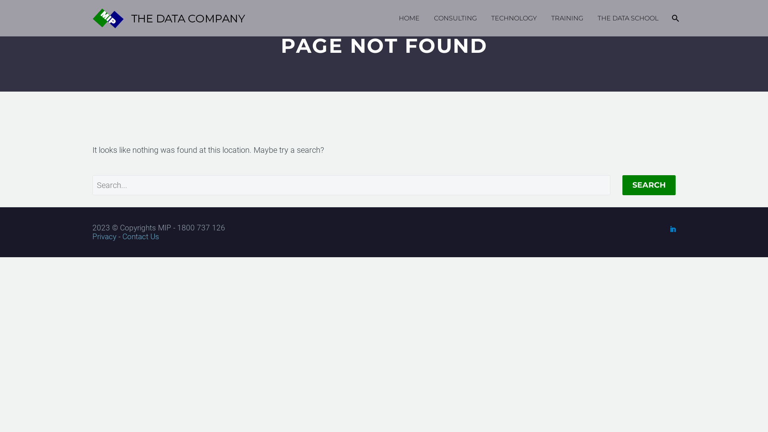 The image size is (768, 432). Describe the element at coordinates (673, 228) in the screenshot. I see `'LinkedIn'` at that location.